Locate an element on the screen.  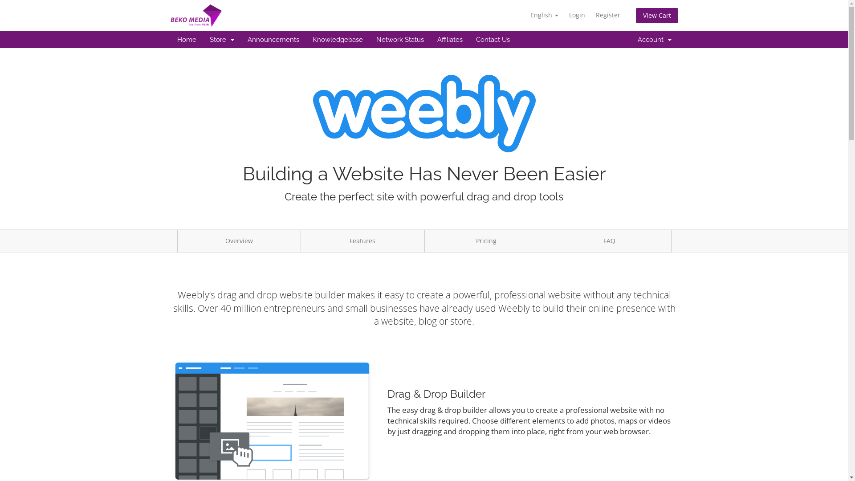
'Contact Us' is located at coordinates (469, 39).